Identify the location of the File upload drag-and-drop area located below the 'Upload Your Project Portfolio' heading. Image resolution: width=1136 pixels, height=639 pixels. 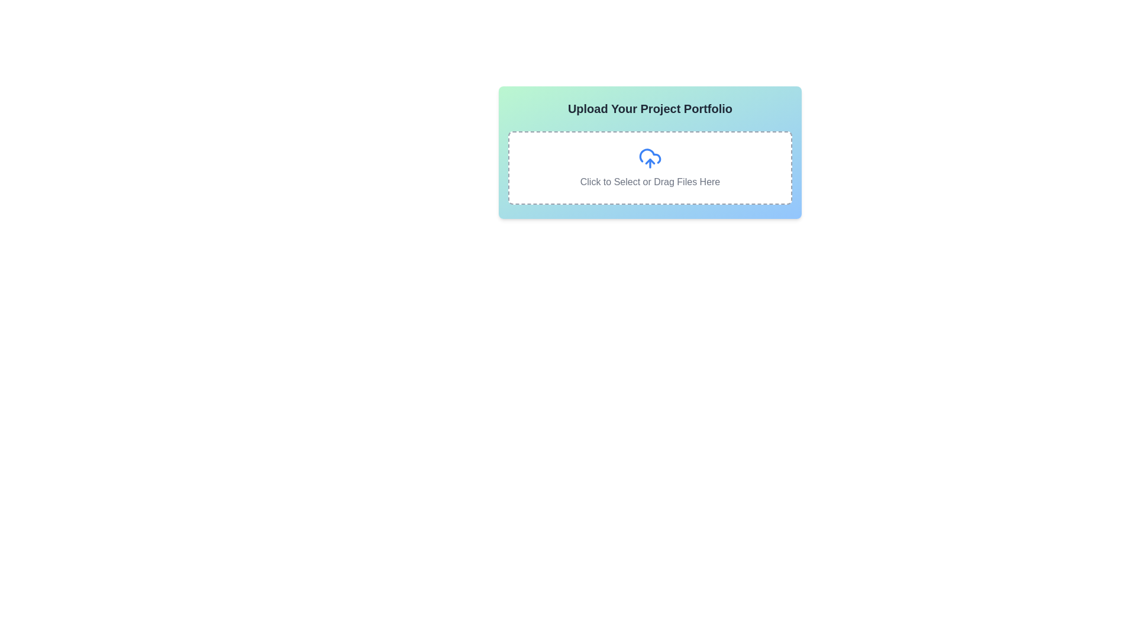
(650, 168).